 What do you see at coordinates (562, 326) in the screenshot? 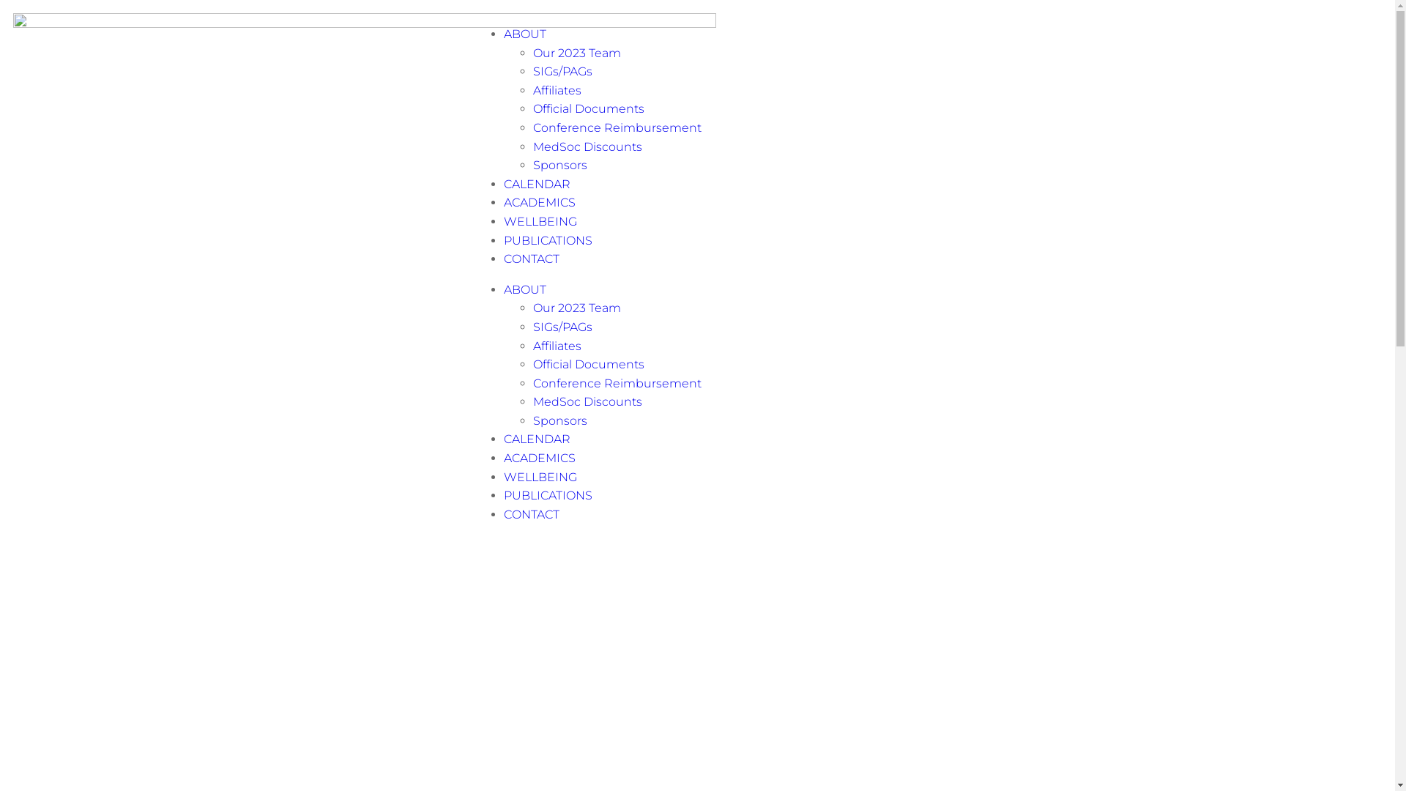
I see `'SIGs/PAGs'` at bounding box center [562, 326].